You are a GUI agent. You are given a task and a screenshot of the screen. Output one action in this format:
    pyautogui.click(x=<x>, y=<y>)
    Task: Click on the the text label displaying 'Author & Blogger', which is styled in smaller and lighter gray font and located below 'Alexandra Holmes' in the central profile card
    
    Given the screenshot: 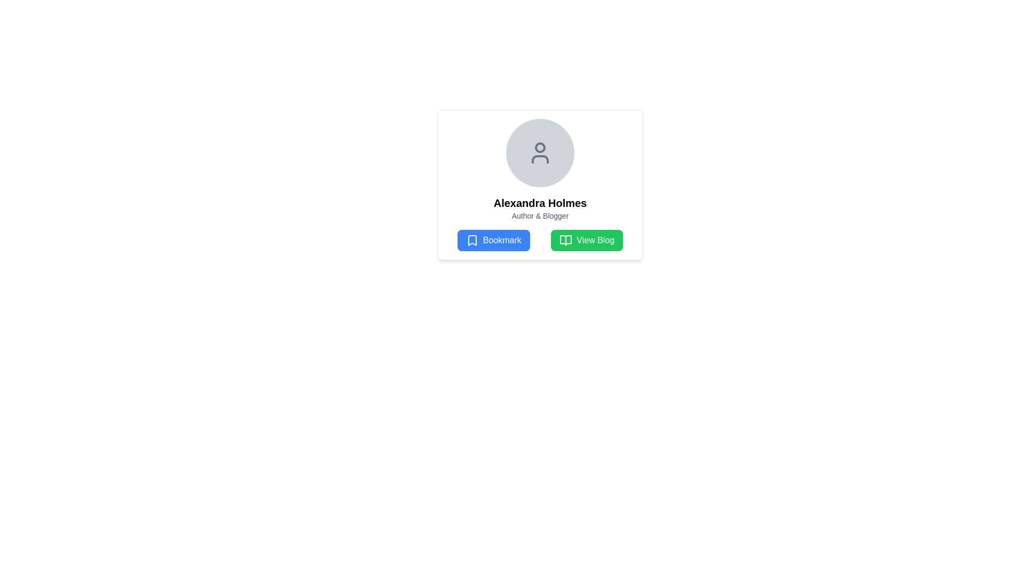 What is the action you would take?
    pyautogui.click(x=540, y=216)
    